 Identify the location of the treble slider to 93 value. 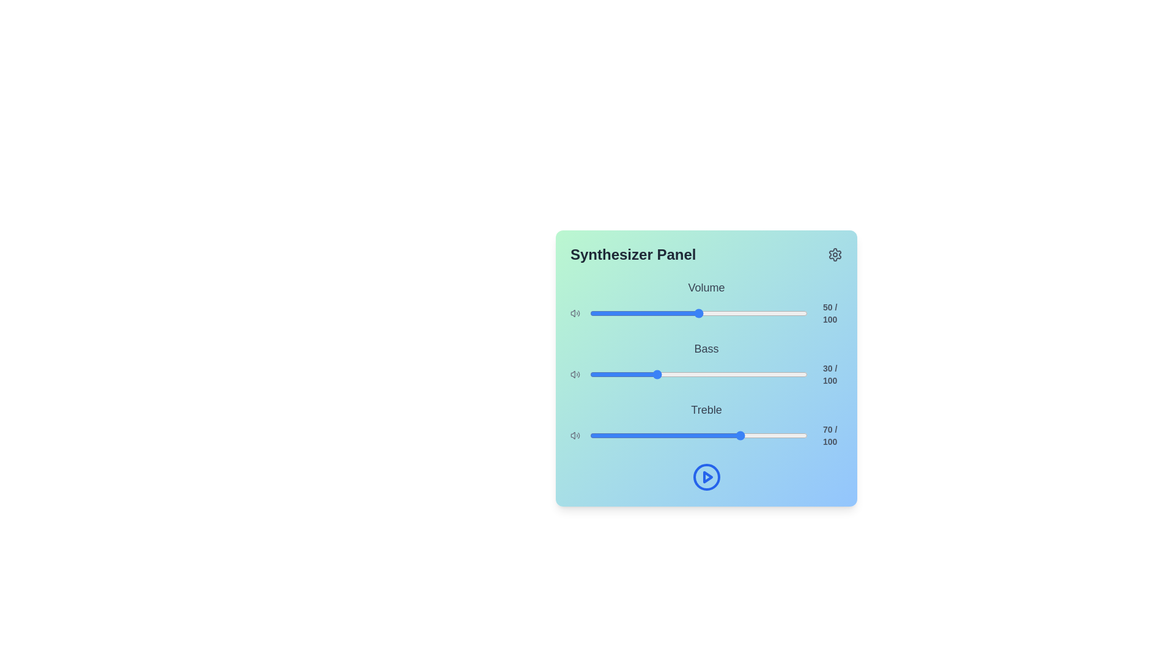
(792, 435).